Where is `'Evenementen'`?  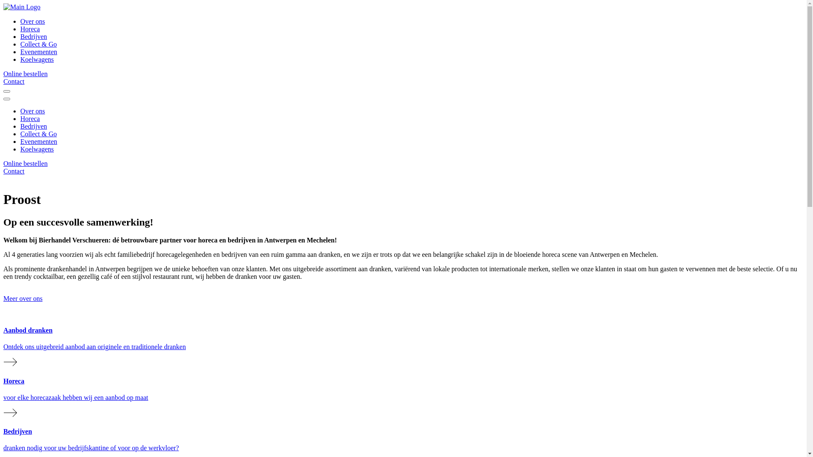 'Evenementen' is located at coordinates (38, 141).